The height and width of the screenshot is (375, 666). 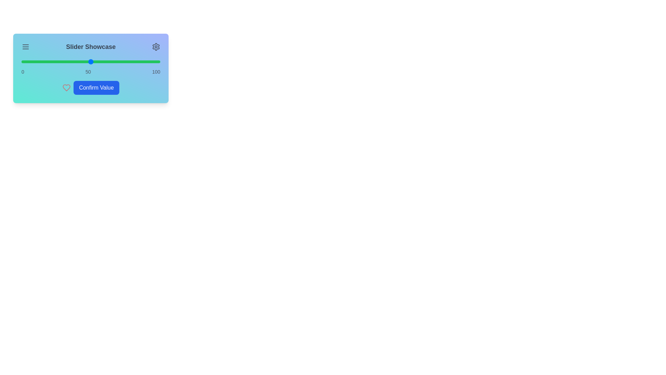 What do you see at coordinates (156, 47) in the screenshot?
I see `the Settings icon` at bounding box center [156, 47].